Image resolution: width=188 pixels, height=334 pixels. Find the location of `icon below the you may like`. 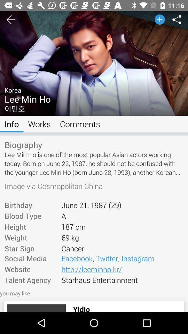

icon below the you may like is located at coordinates (36, 308).